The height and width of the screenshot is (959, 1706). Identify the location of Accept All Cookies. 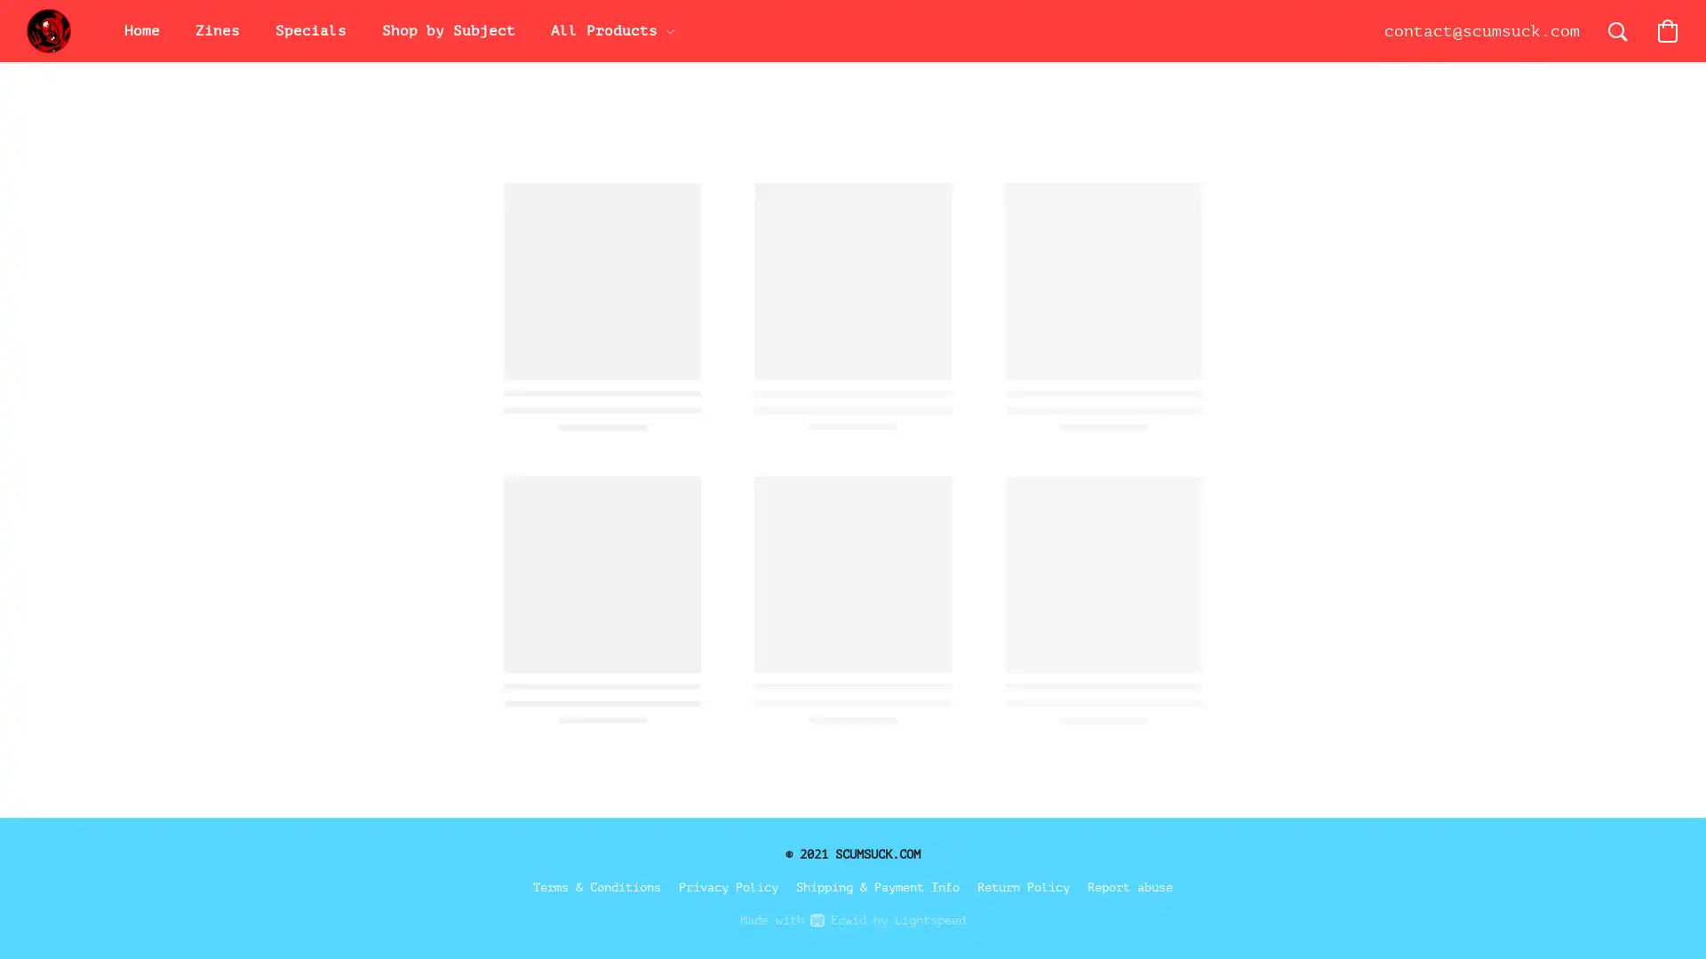
(1455, 589).